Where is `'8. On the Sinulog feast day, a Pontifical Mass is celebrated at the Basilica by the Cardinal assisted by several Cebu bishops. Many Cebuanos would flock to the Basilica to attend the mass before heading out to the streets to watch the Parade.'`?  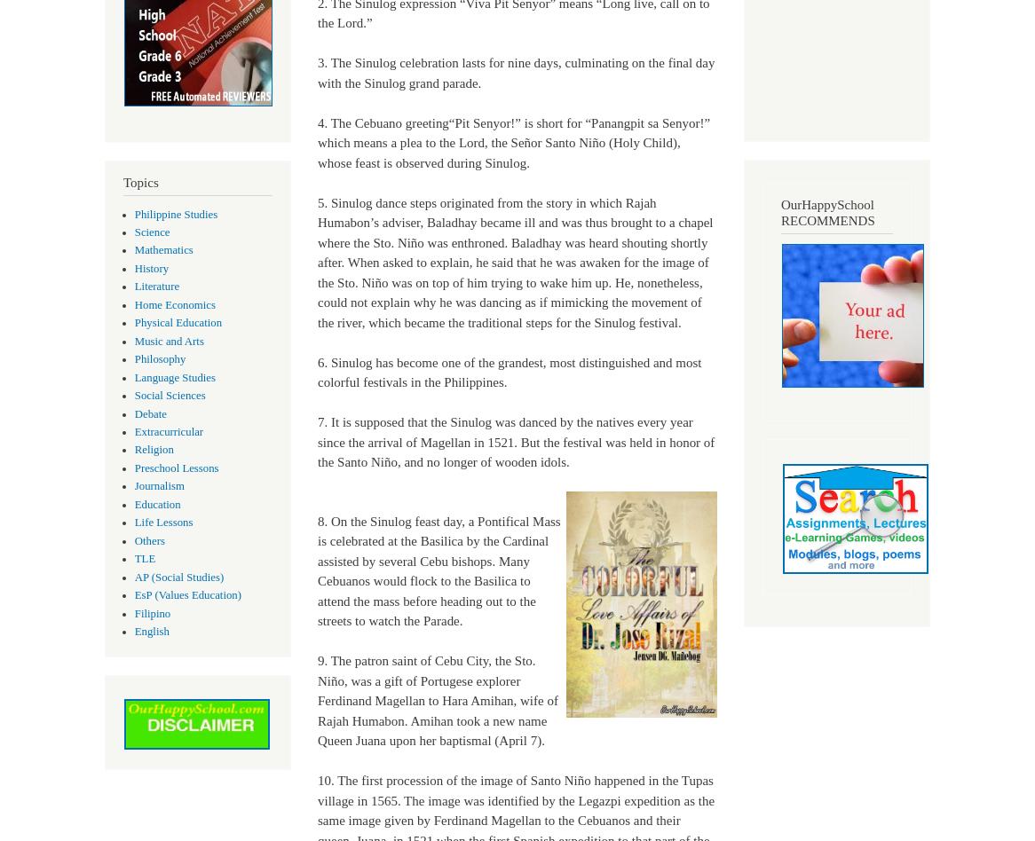
'8. On the Sinulog feast day, a Pontifical Mass is celebrated at the Basilica by the Cardinal assisted by several Cebu bishops. Many Cebuanos would flock to the Basilica to attend the mass before heading out to the streets to watch the Parade.' is located at coordinates (438, 570).